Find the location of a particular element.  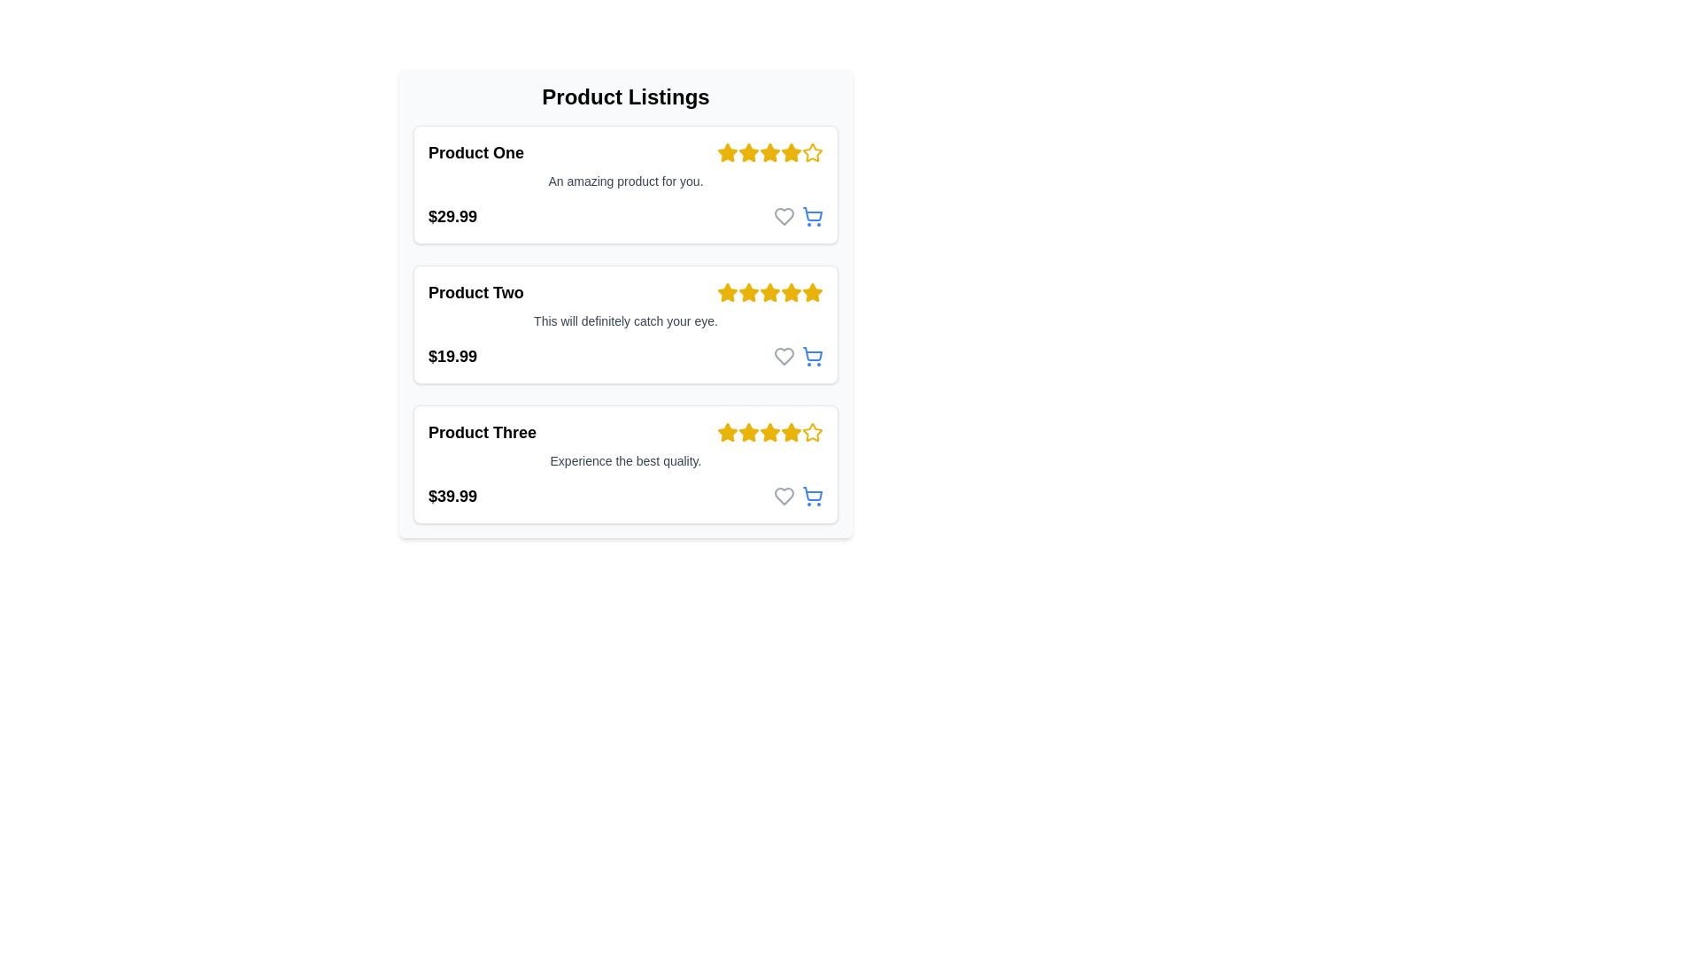

the static text label that contains the phrase 'This will definitely catch your eye.' located under the heading 'Product Two' in the second product card is located at coordinates (625, 320).